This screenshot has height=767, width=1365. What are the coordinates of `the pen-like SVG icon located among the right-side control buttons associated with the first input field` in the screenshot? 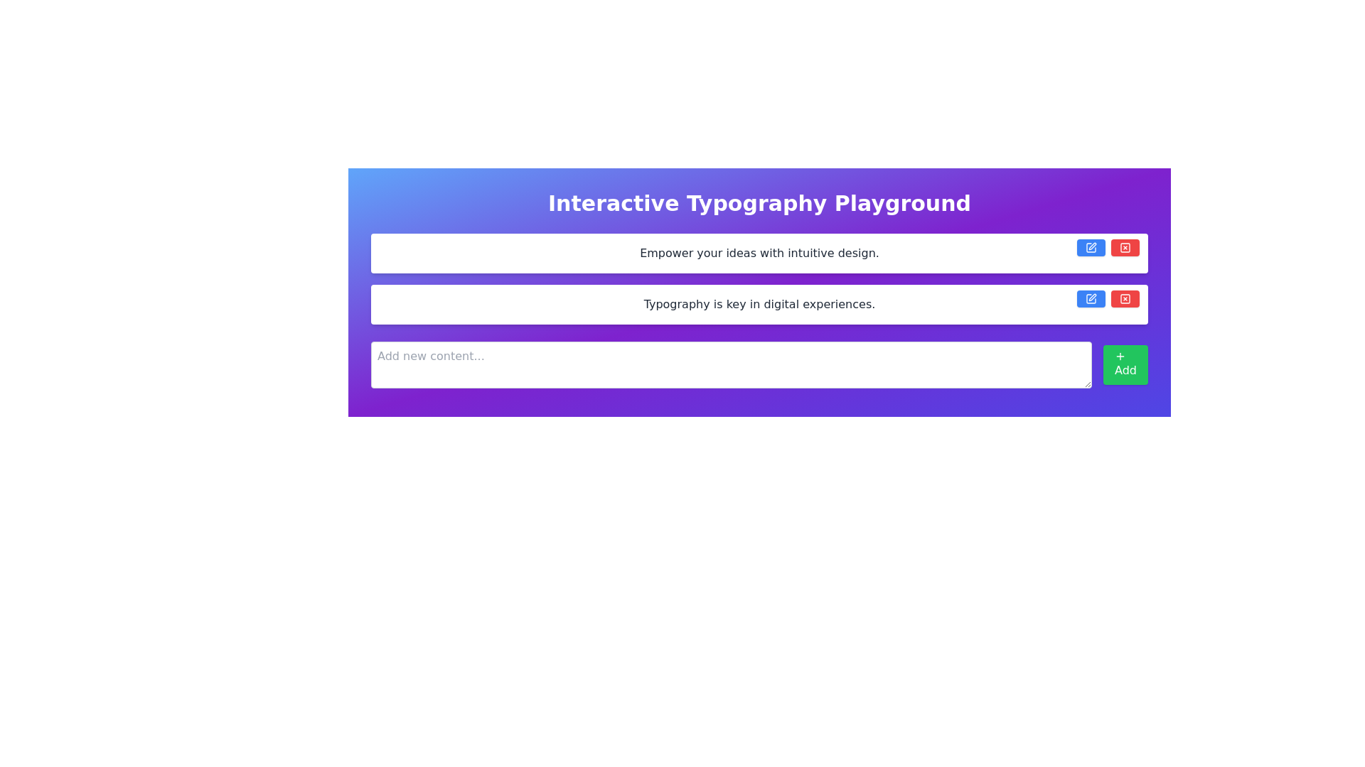 It's located at (1091, 246).